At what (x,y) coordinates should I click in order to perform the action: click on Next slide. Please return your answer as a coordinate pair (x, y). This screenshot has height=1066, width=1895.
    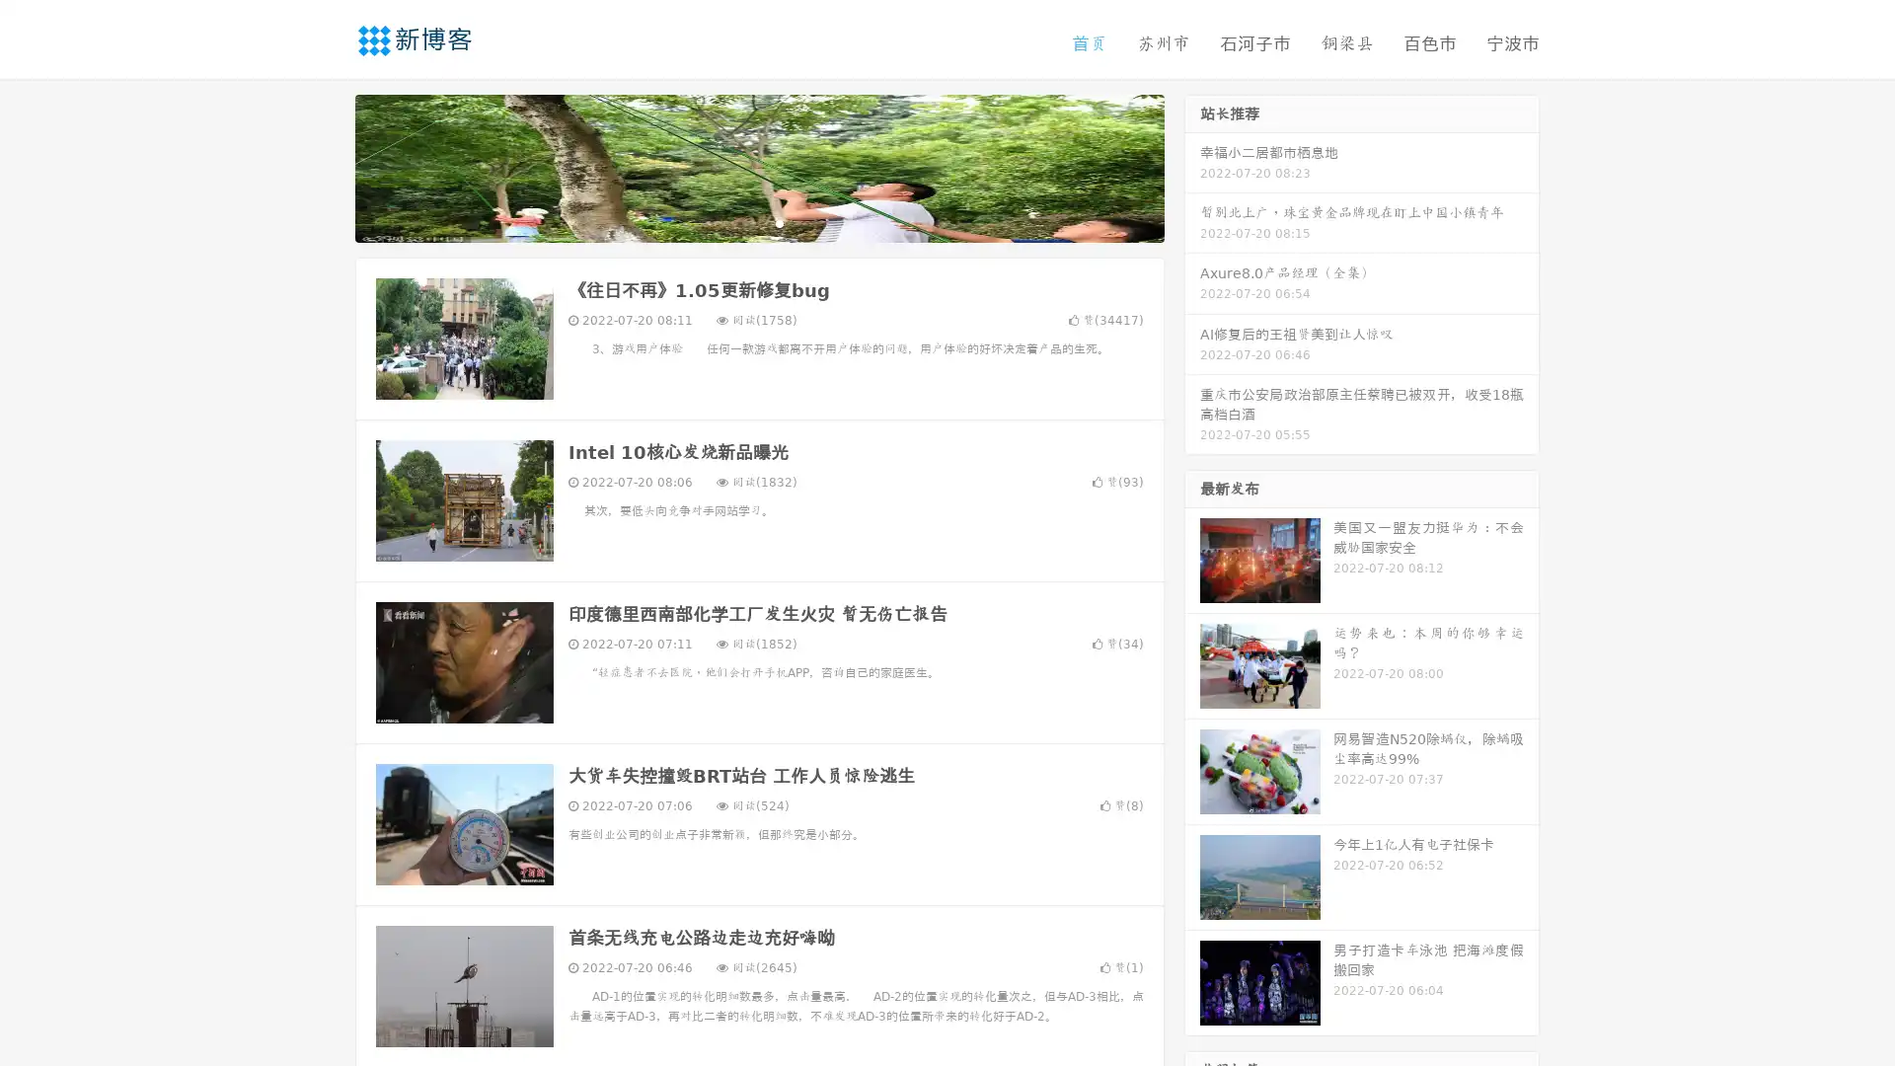
    Looking at the image, I should click on (1192, 166).